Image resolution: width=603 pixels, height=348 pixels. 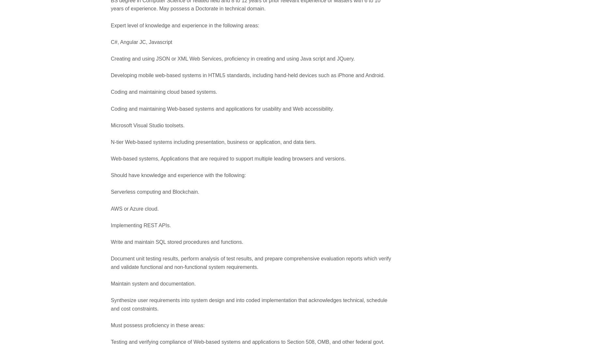 I want to click on 'Coding and maintaining cloud based systems.', so click(x=164, y=91).